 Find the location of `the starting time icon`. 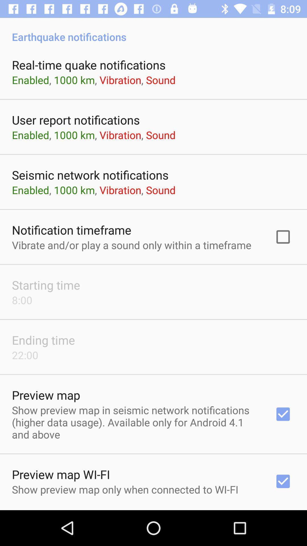

the starting time icon is located at coordinates (46, 285).